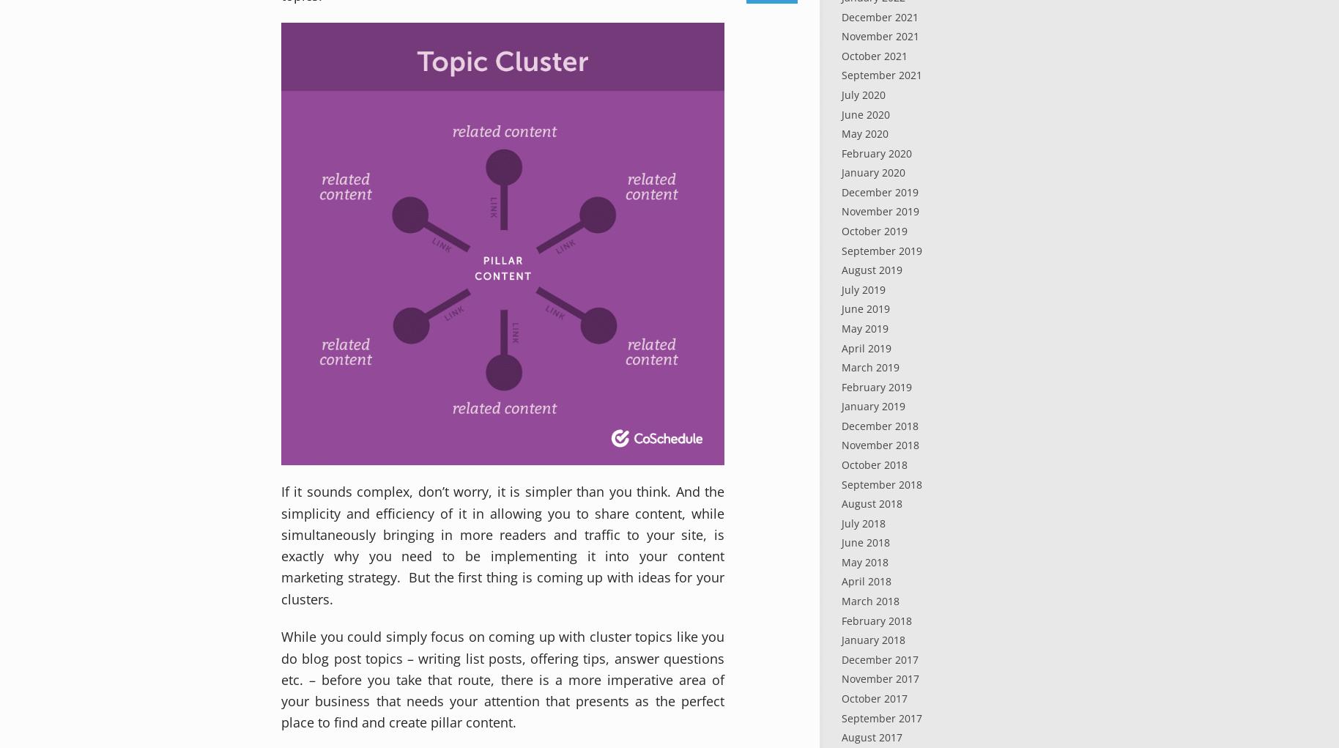  What do you see at coordinates (864, 114) in the screenshot?
I see `'June 2020'` at bounding box center [864, 114].